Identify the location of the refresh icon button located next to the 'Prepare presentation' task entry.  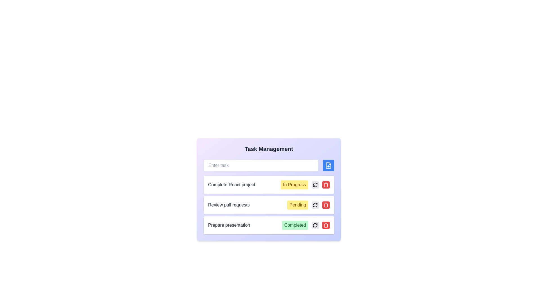
(315, 225).